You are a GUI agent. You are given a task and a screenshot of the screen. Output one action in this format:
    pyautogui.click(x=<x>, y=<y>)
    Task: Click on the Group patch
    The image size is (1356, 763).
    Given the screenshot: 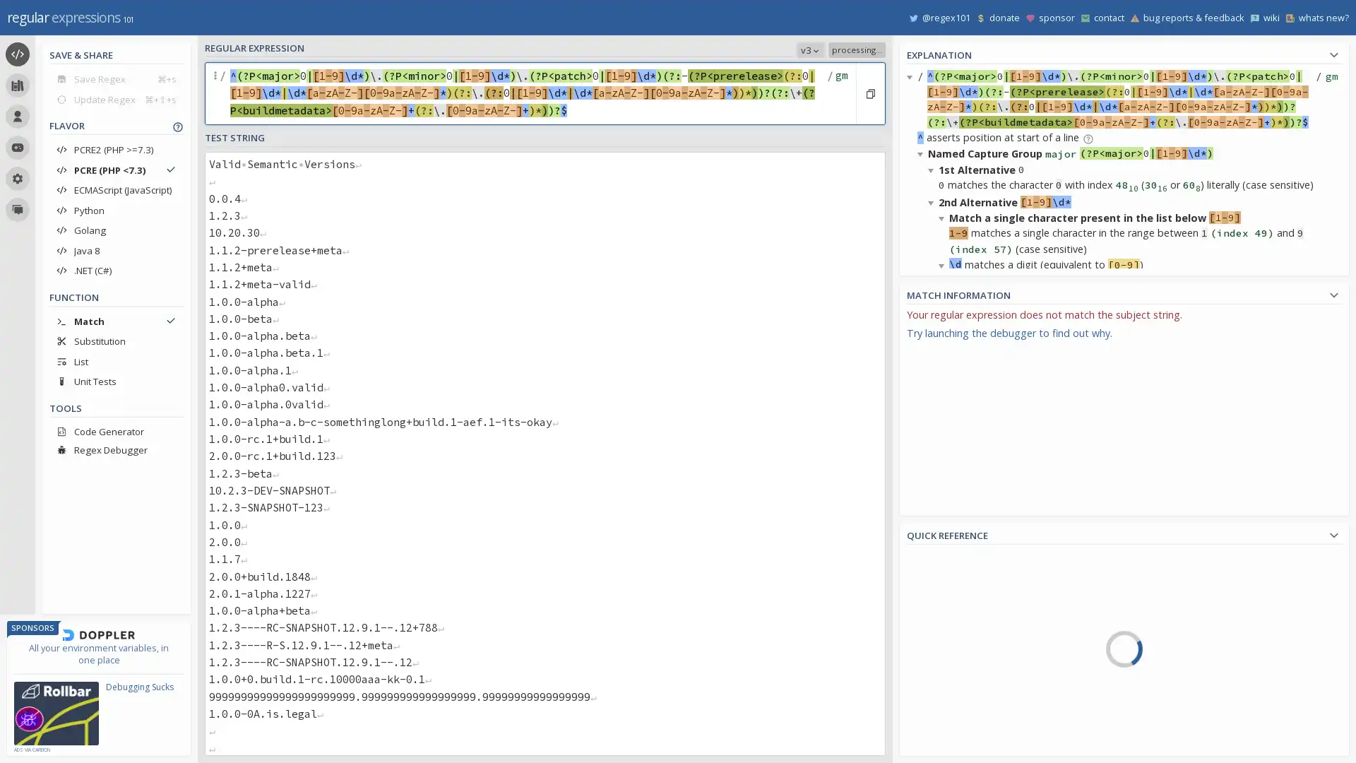 What is the action you would take?
    pyautogui.click(x=944, y=403)
    